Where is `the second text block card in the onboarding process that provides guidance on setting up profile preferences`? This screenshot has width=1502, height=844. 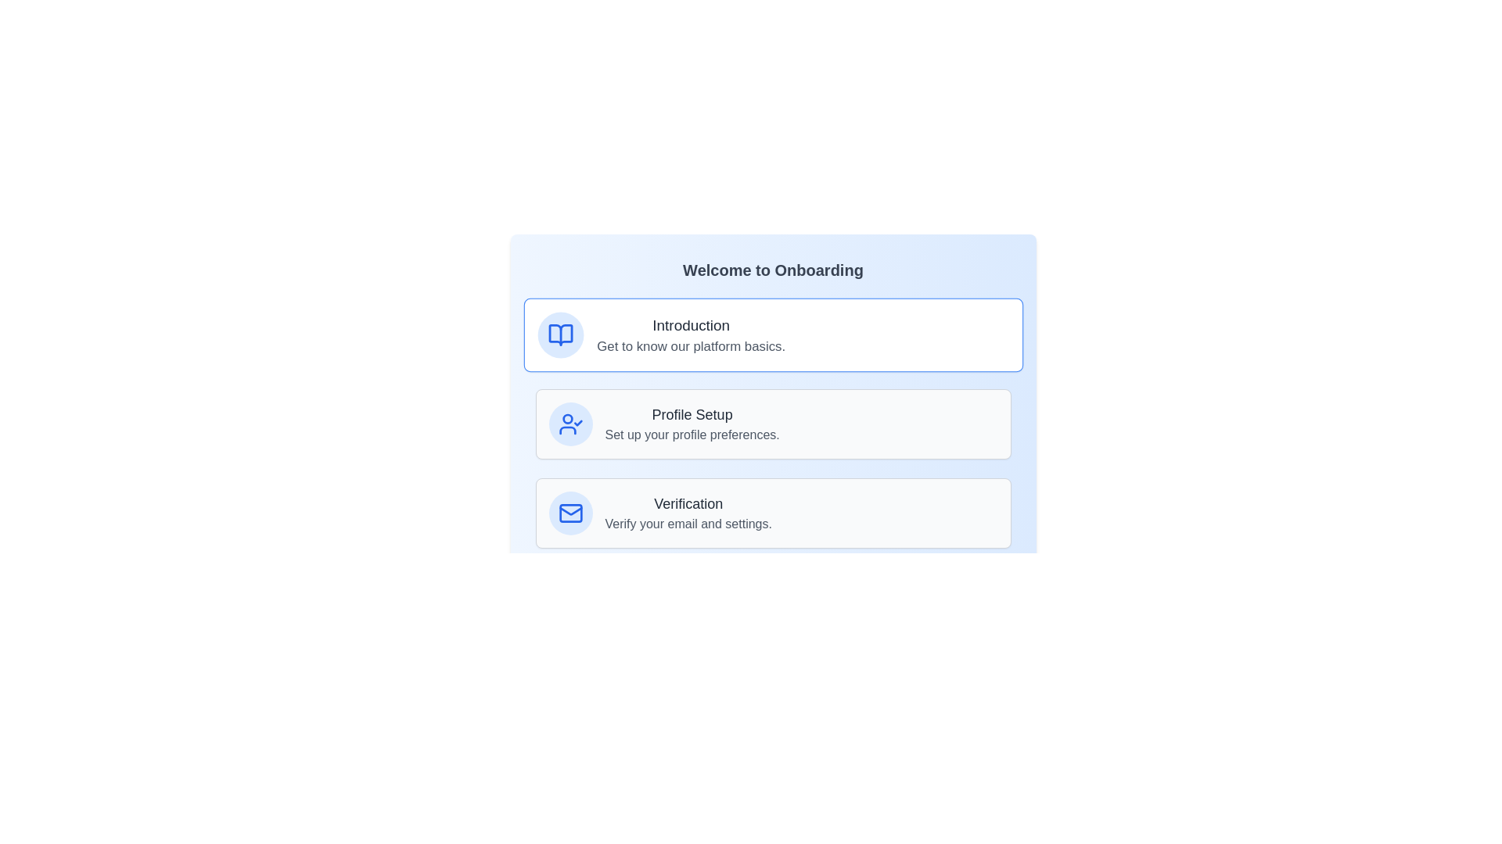 the second text block card in the onboarding process that provides guidance on setting up profile preferences is located at coordinates (692, 424).